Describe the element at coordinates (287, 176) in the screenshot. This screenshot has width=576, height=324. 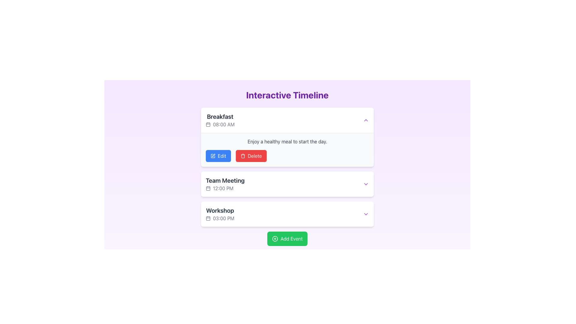
I see `the second card in the 'Interactive Timeline'` at that location.